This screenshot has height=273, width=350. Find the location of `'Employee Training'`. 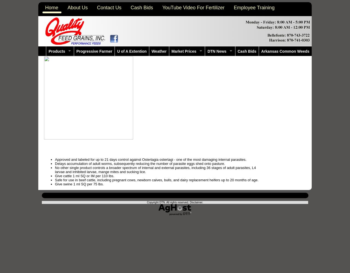

'Employee Training' is located at coordinates (234, 8).